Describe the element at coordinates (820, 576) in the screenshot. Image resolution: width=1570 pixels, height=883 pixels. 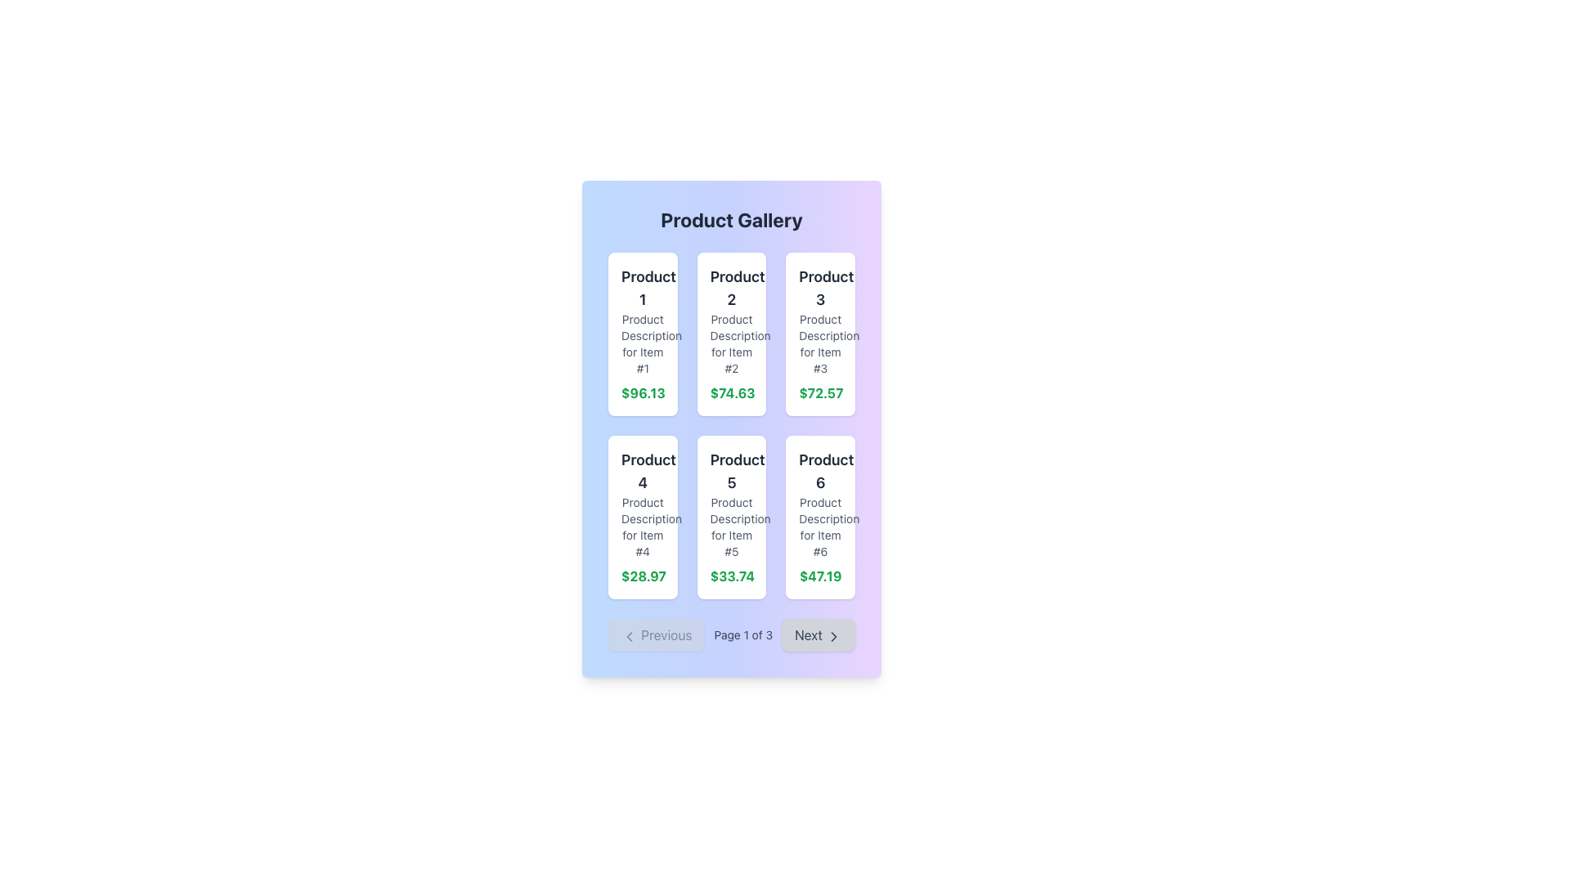
I see `the text label displaying the price '$47.19' which is styled with a bold green font and located under the description of 'Product 6.'` at that location.